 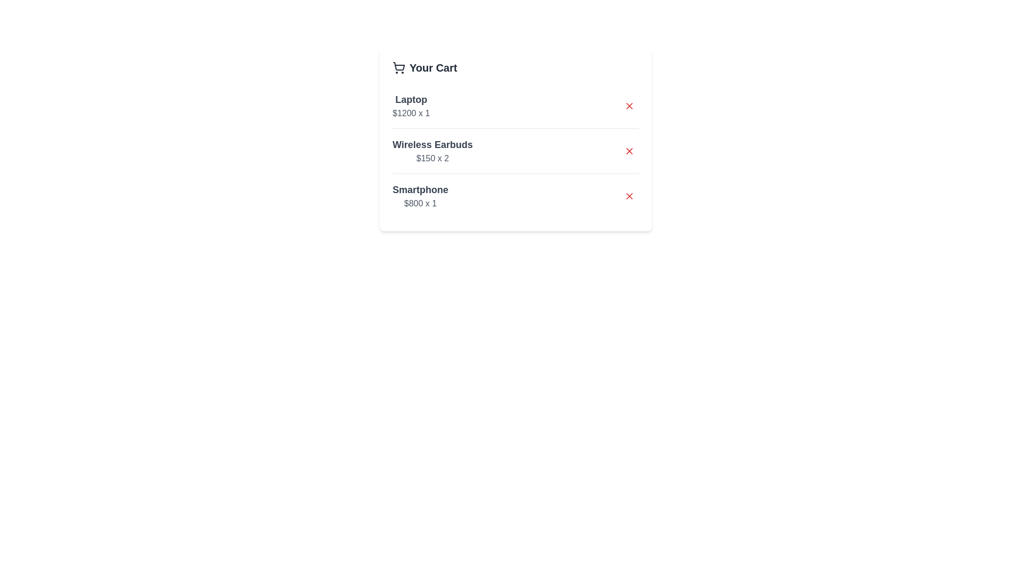 I want to click on the remove button for the item 'Laptop', so click(x=630, y=106).